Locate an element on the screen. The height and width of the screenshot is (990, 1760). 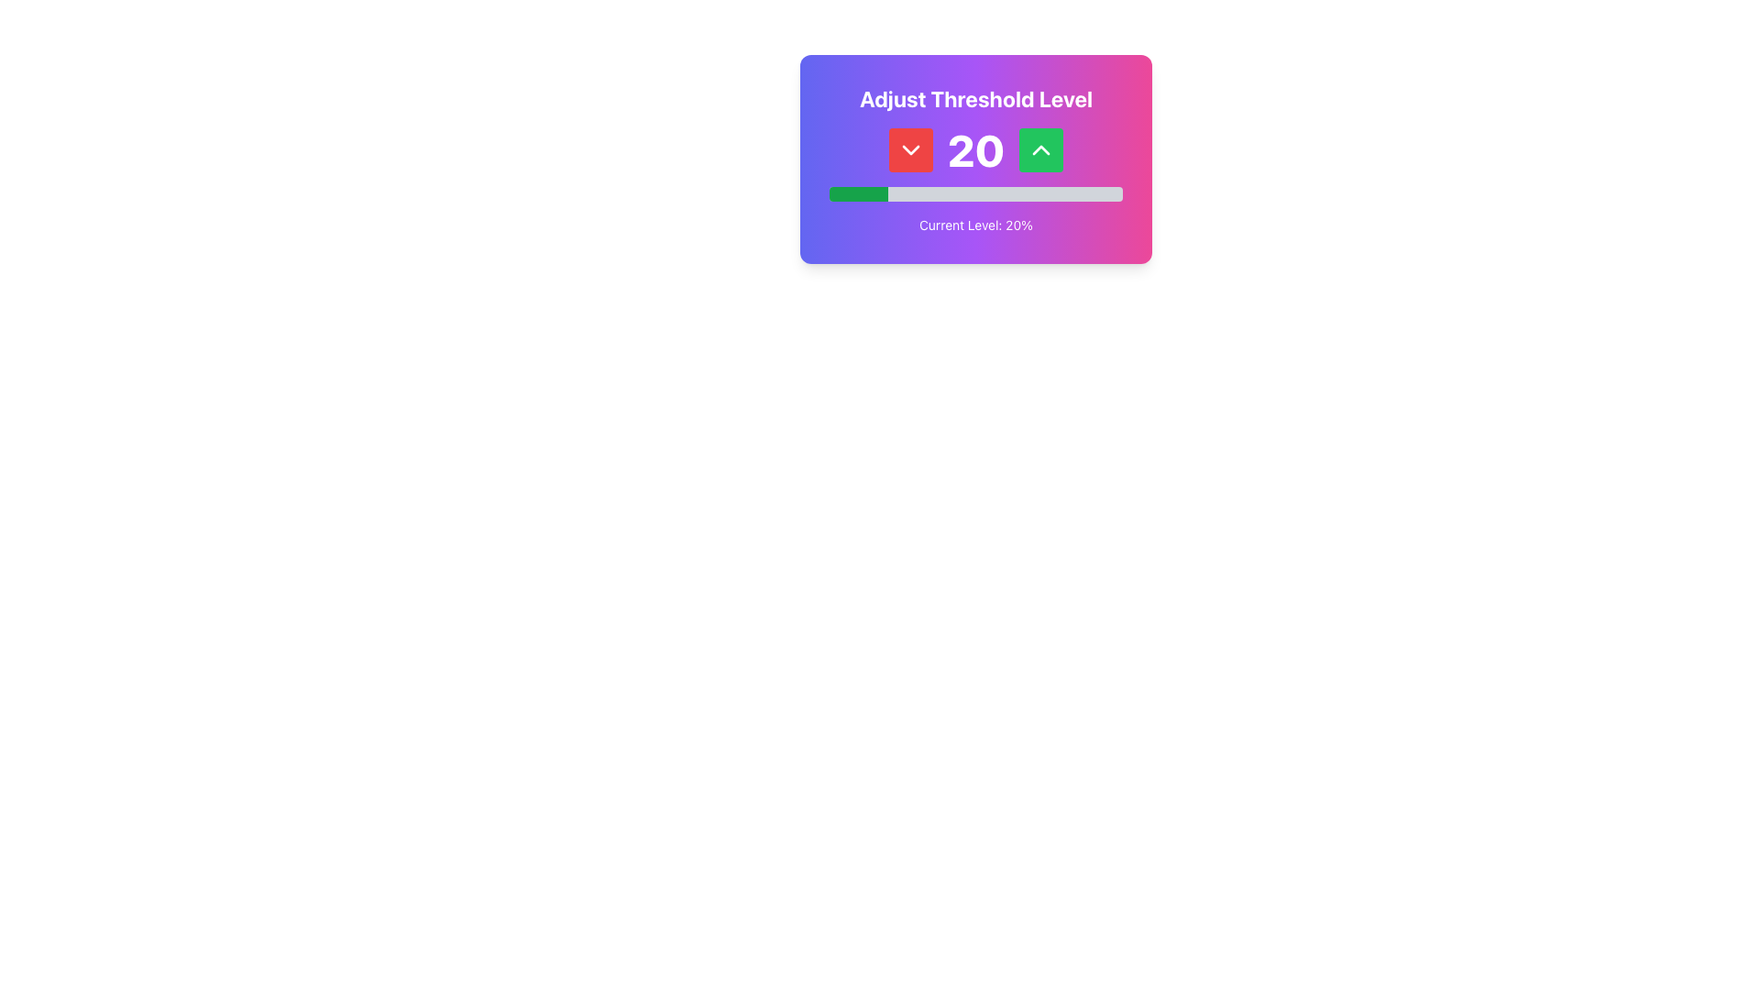
the Progress Bar located centrally below the numerical display '20' and above 'Current Level: 20%' is located at coordinates (975, 194).